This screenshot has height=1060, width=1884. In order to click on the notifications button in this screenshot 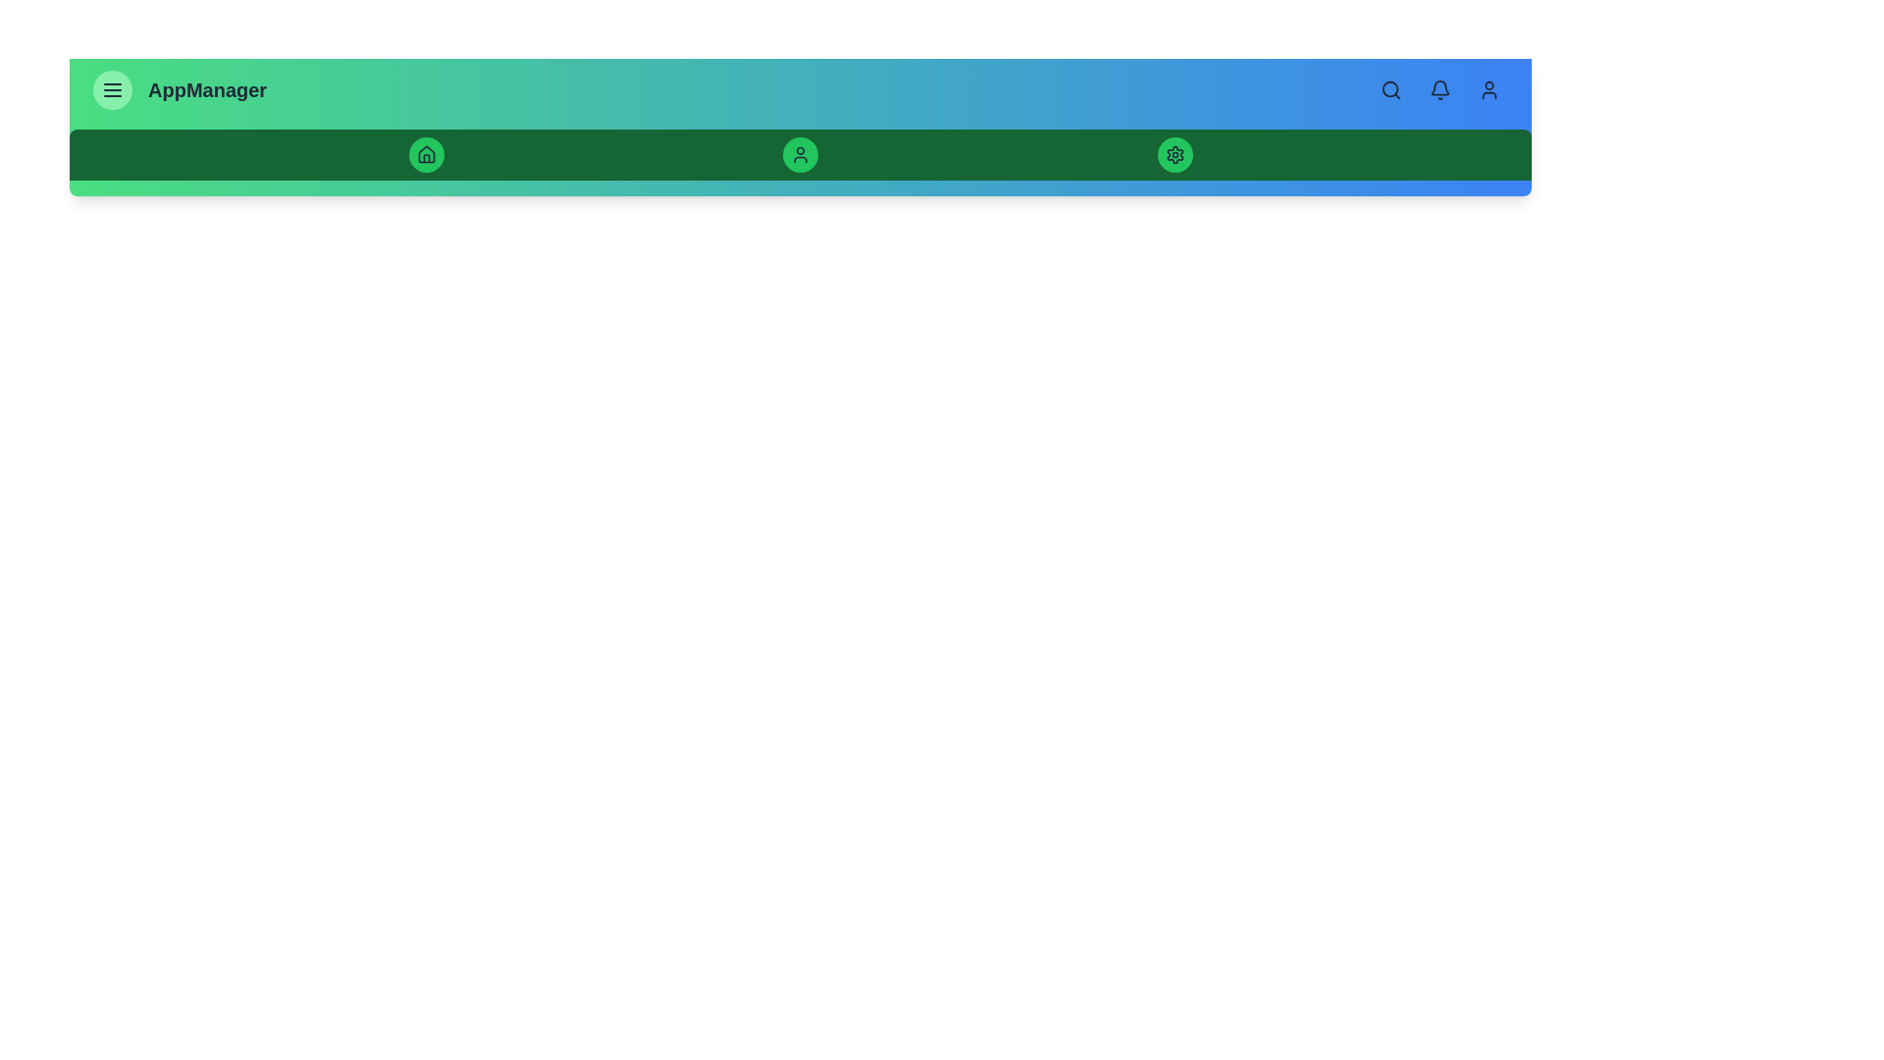, I will do `click(1440, 90)`.